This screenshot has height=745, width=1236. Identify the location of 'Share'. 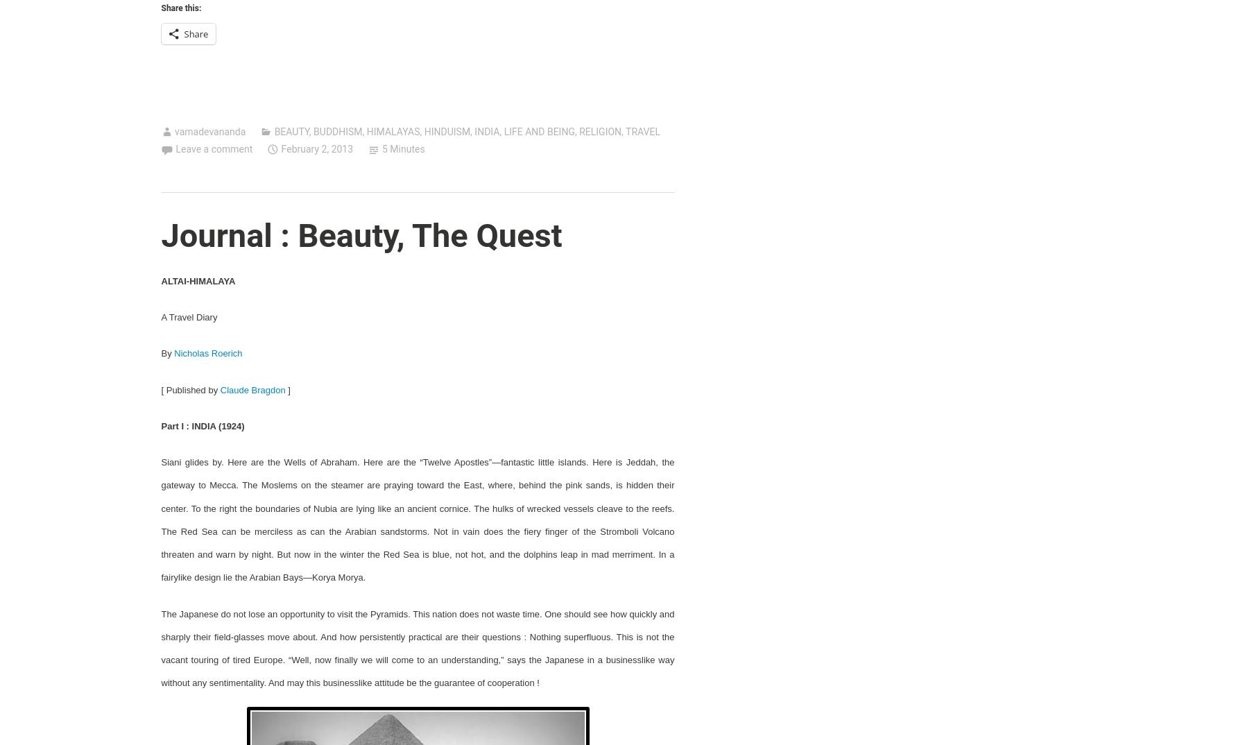
(195, 33).